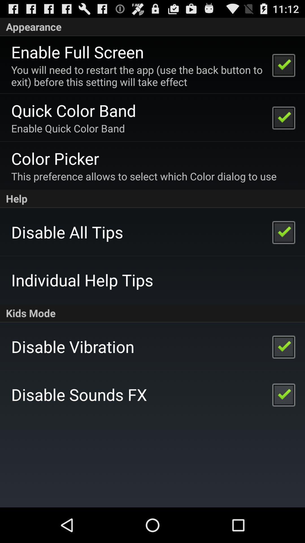  Describe the element at coordinates (82, 280) in the screenshot. I see `the item below disable all tips app` at that location.